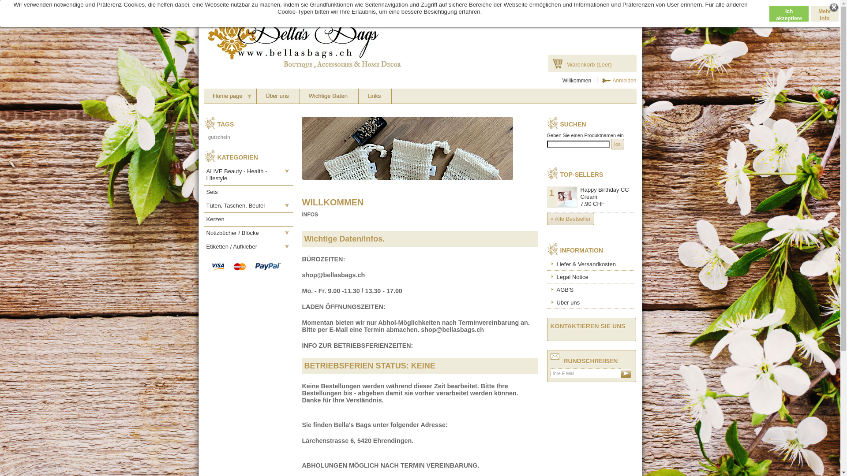 This screenshot has height=476, width=847. I want to click on 'Facebook', so click(523, 4).